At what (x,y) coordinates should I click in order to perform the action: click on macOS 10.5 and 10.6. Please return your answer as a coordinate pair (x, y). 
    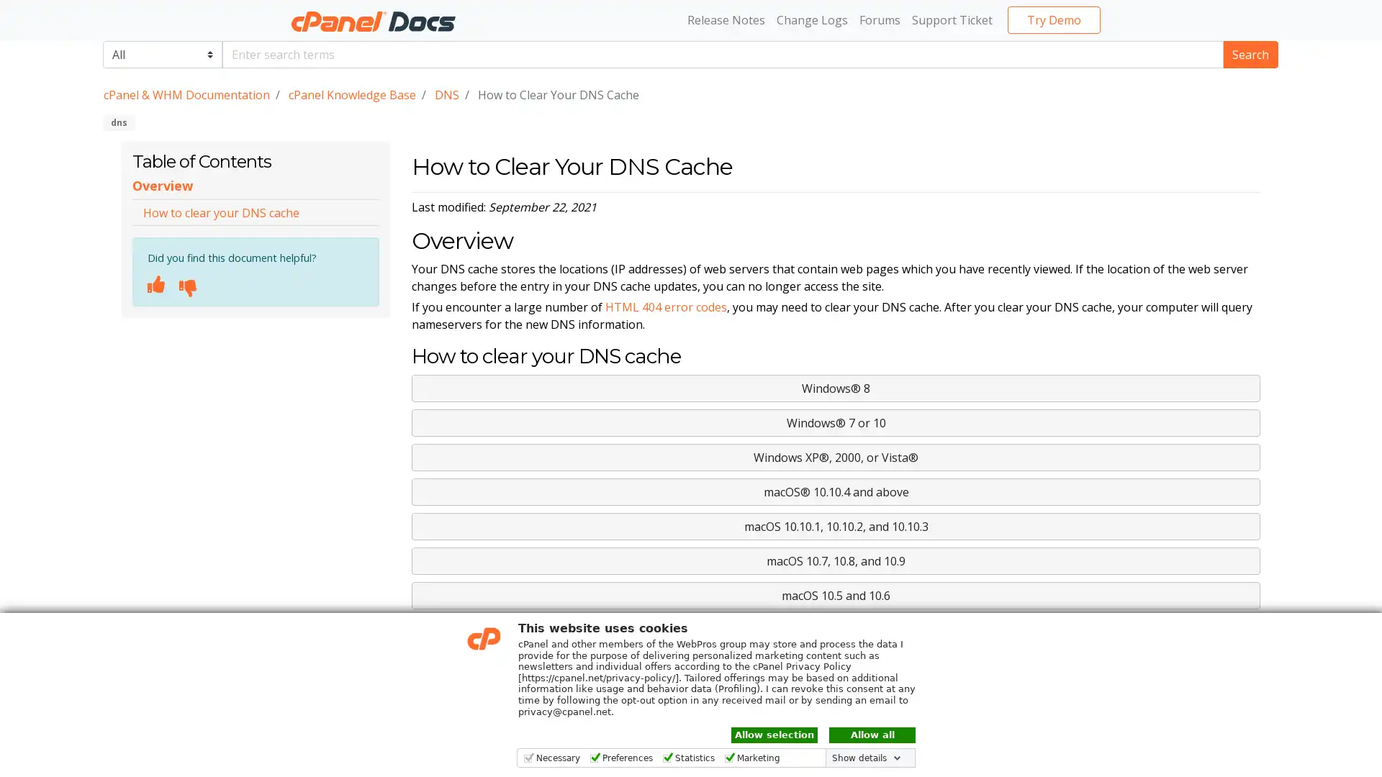
    Looking at the image, I should click on (836, 596).